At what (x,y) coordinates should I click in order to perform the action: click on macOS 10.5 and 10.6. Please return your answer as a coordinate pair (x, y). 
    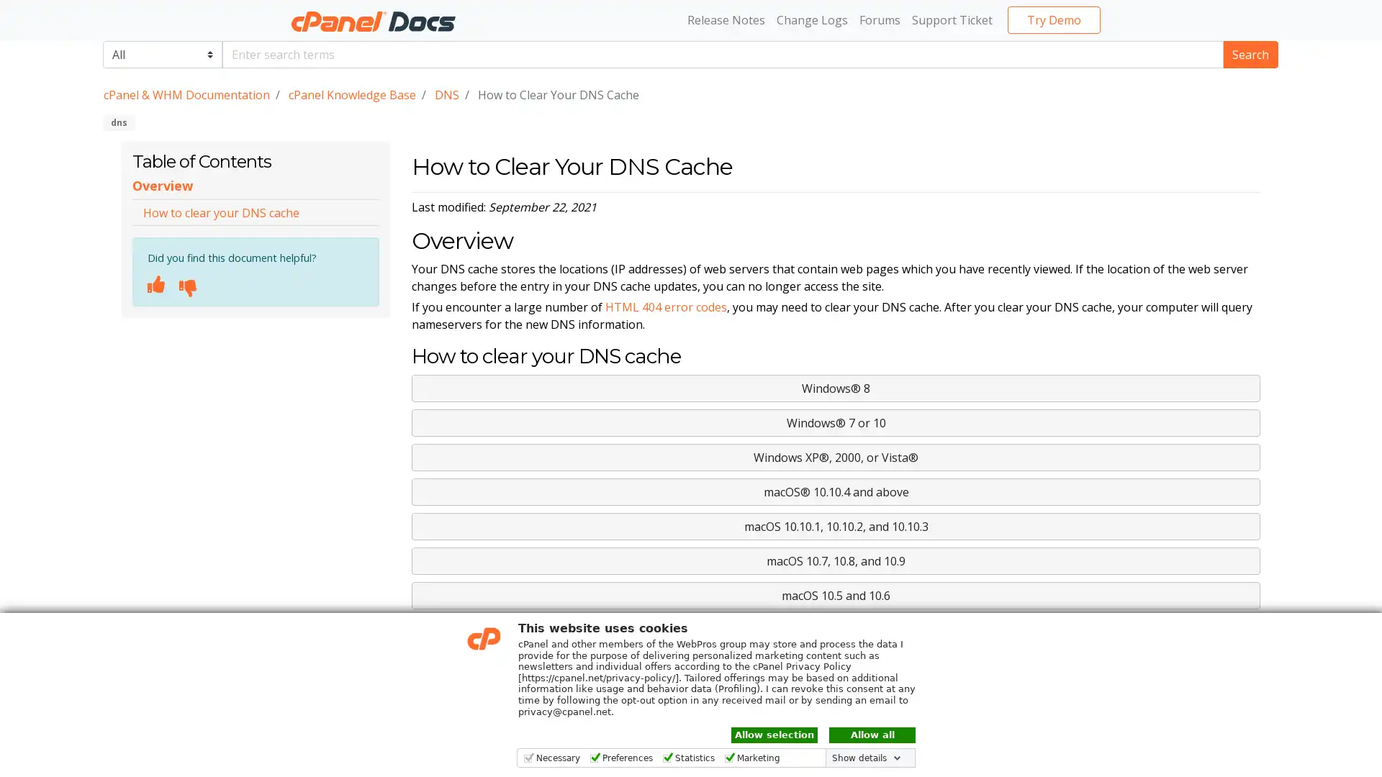
    Looking at the image, I should click on (836, 596).